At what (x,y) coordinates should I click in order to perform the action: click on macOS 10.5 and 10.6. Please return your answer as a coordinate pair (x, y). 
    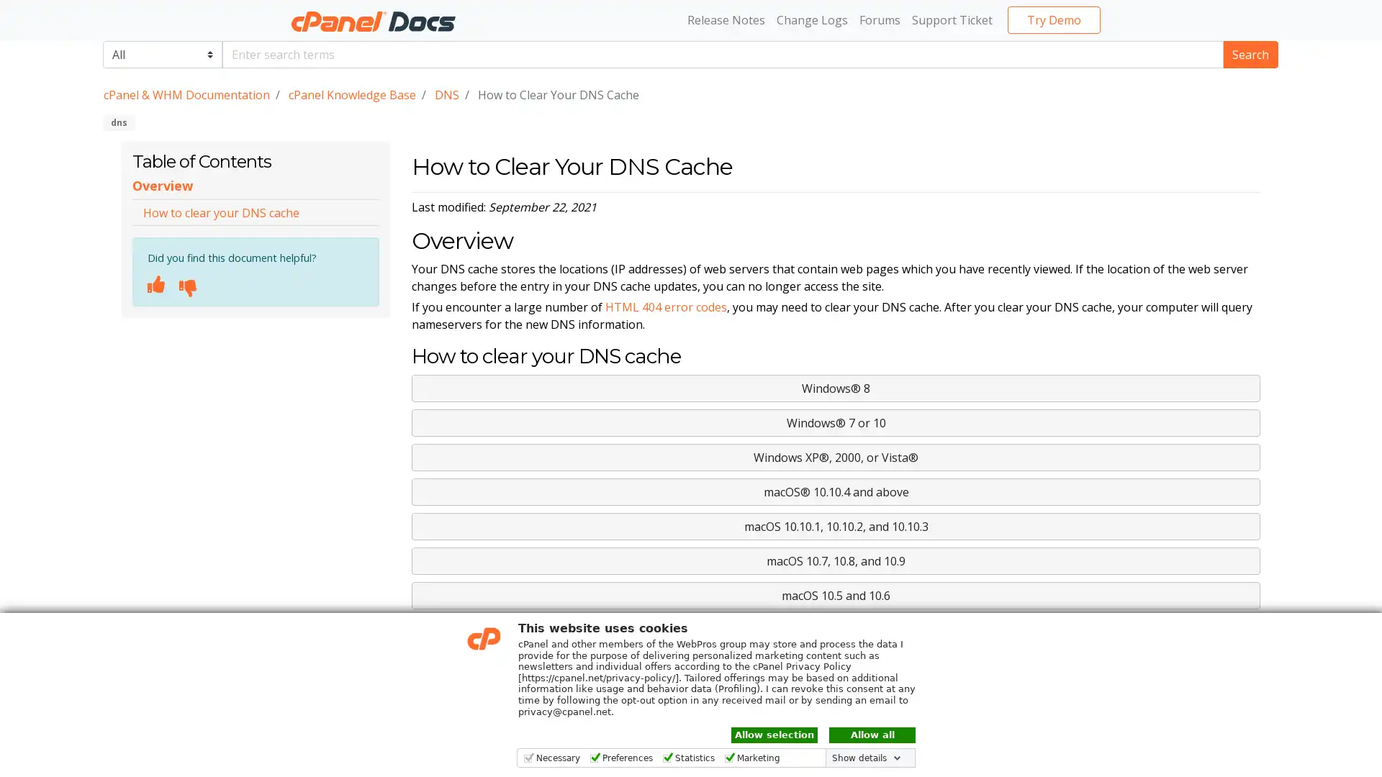
    Looking at the image, I should click on (836, 596).